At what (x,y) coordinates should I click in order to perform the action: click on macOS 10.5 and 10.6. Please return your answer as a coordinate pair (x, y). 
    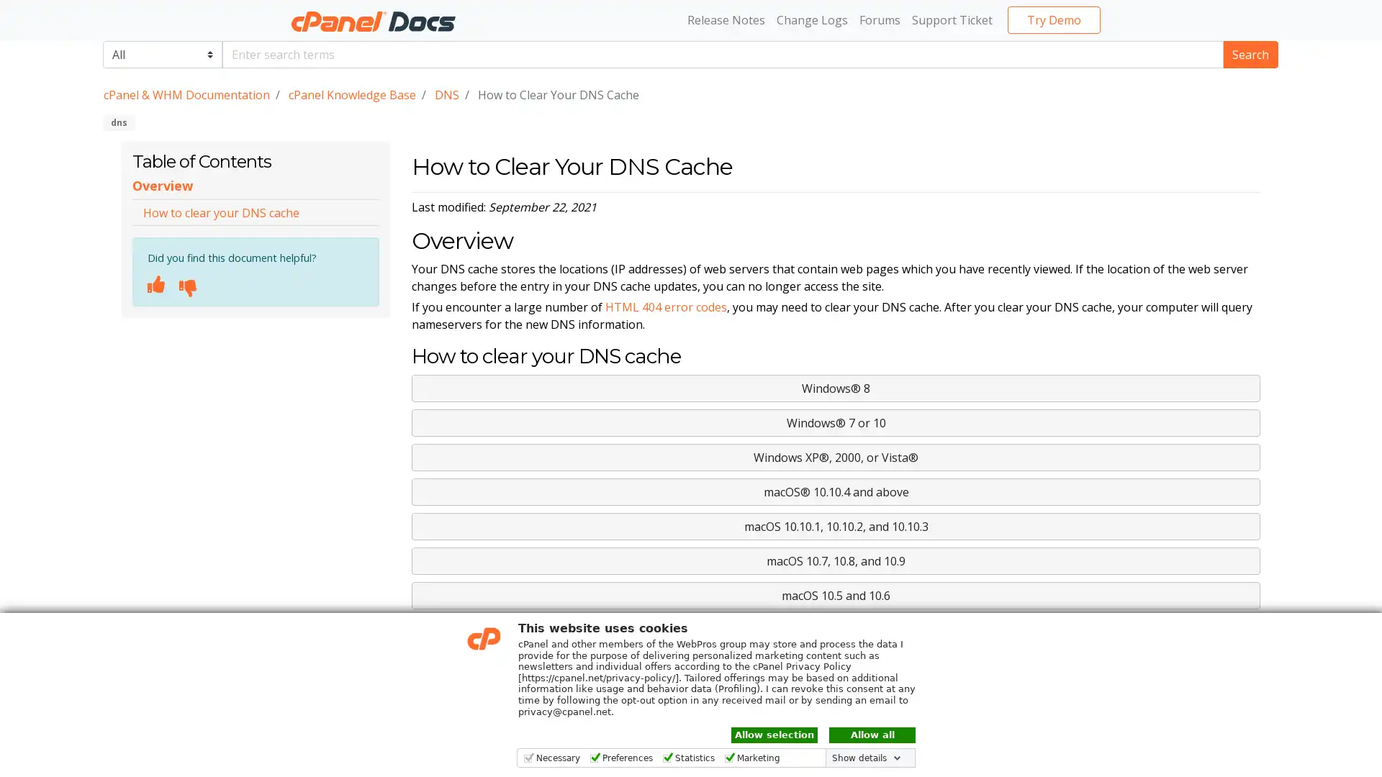
    Looking at the image, I should click on (836, 596).